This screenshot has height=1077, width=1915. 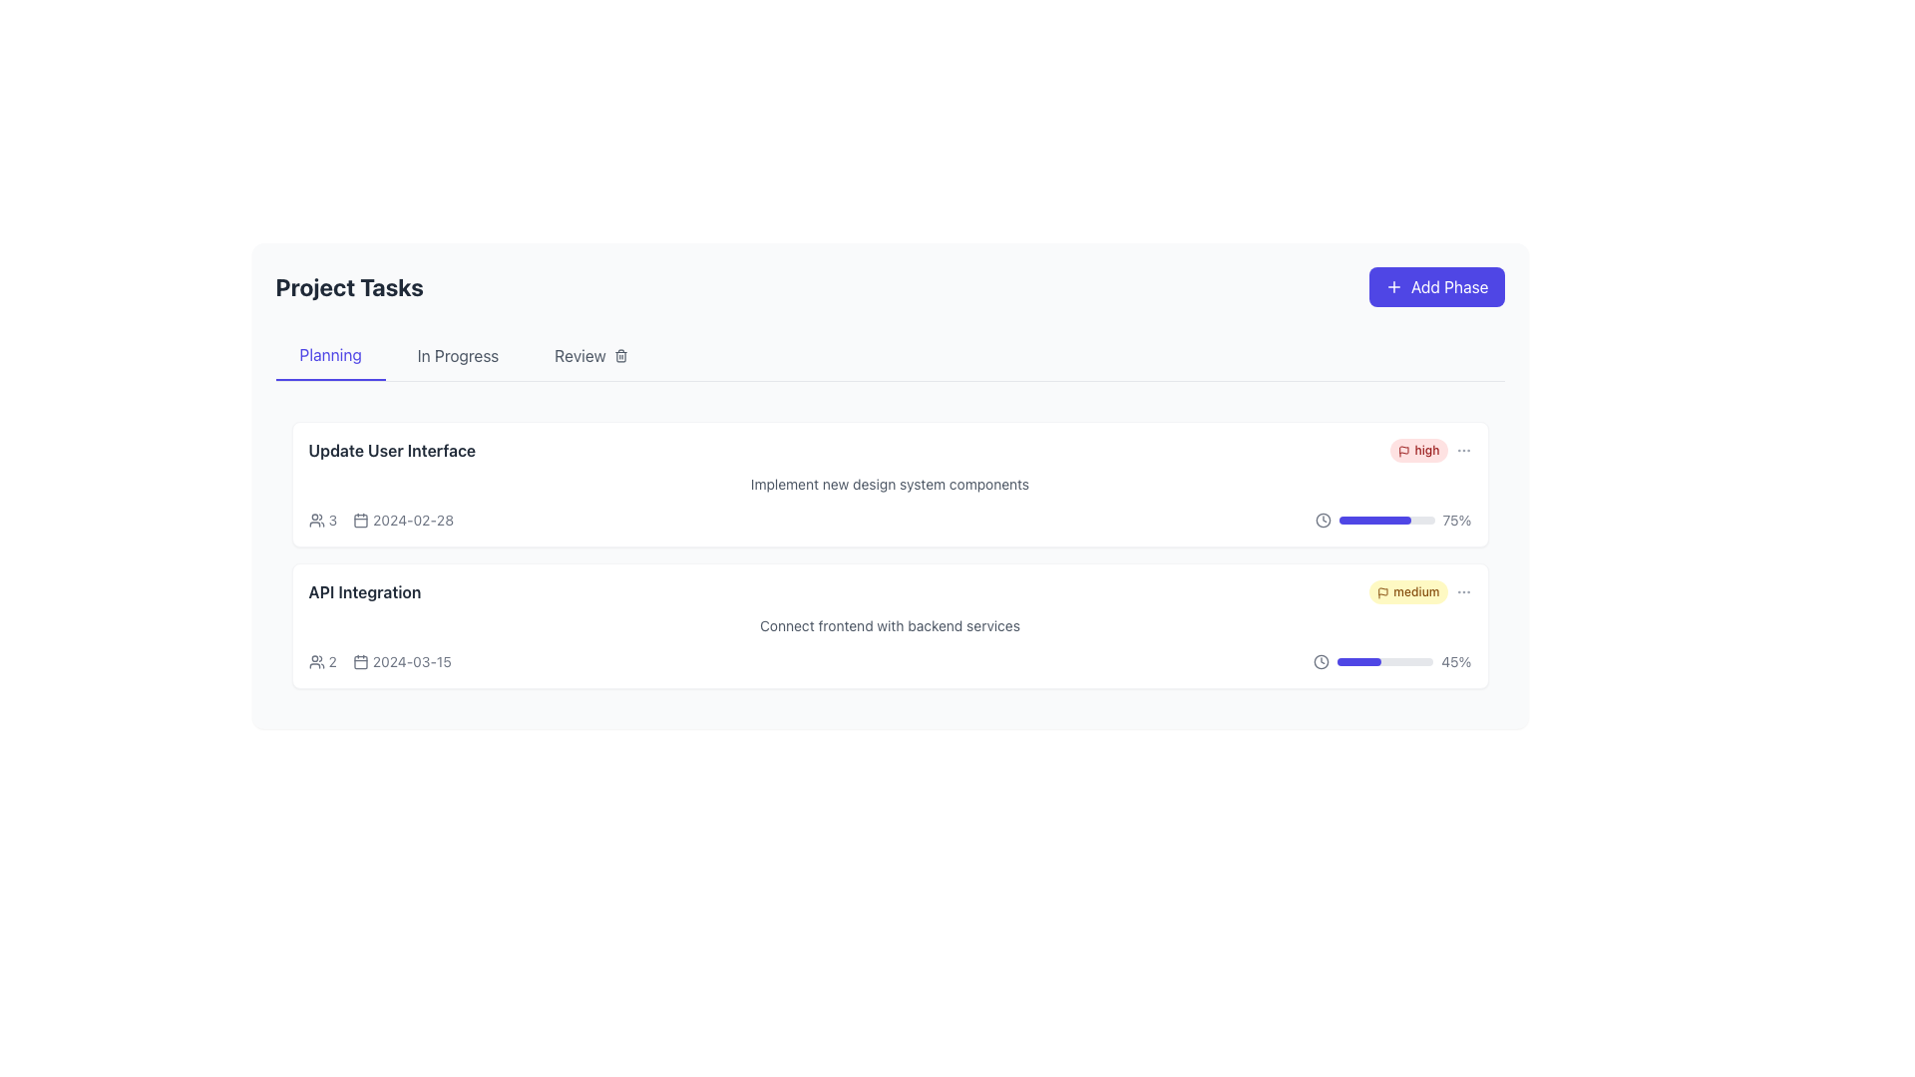 What do you see at coordinates (1322, 661) in the screenshot?
I see `the outer boundary of the clock face located within the clock icon on the right side of the second task card` at bounding box center [1322, 661].